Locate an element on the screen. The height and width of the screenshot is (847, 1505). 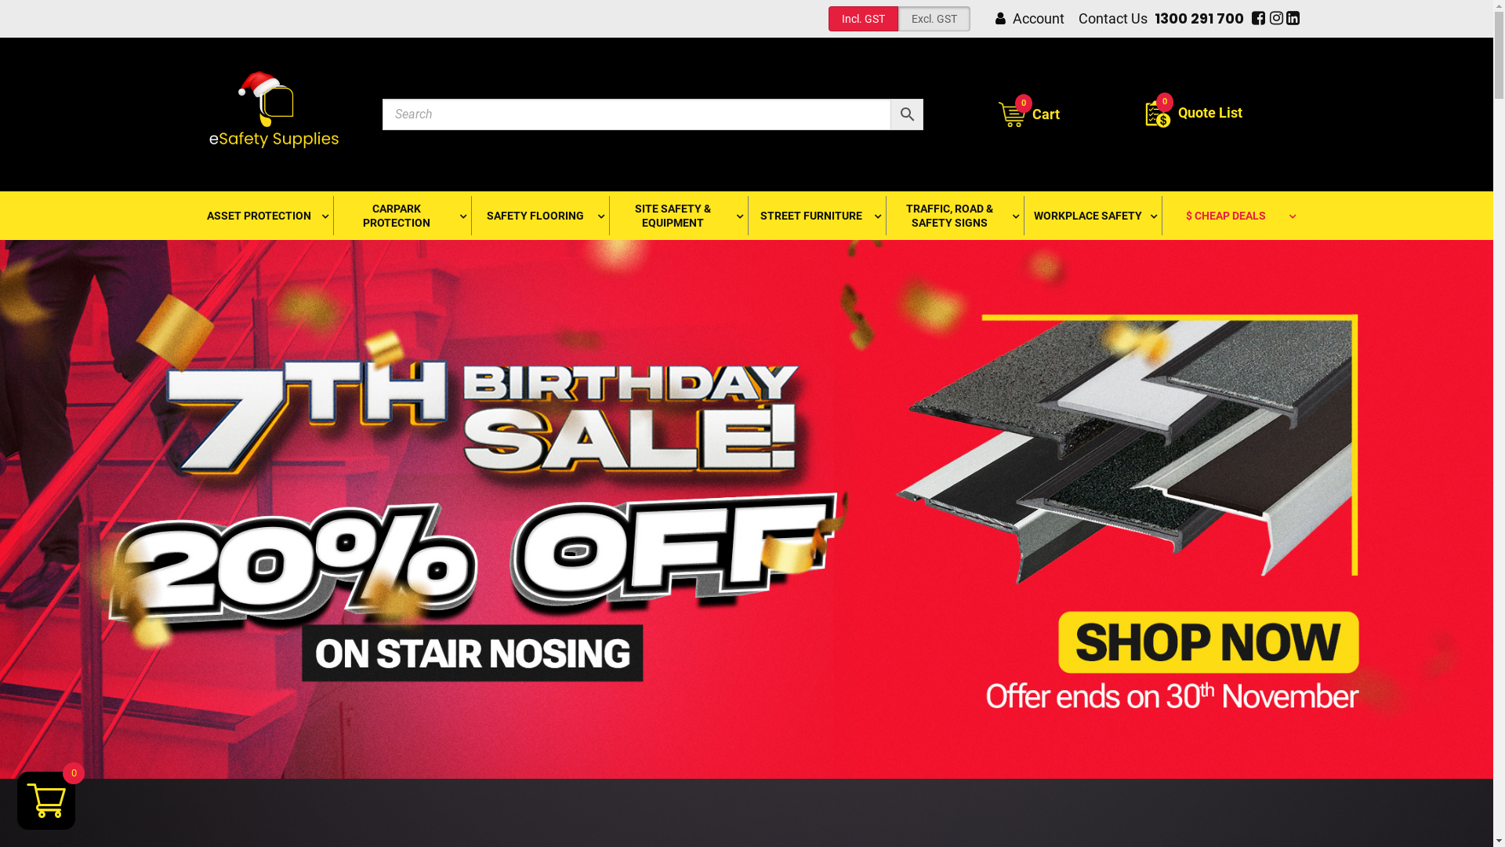
'Account' is located at coordinates (1038, 18).